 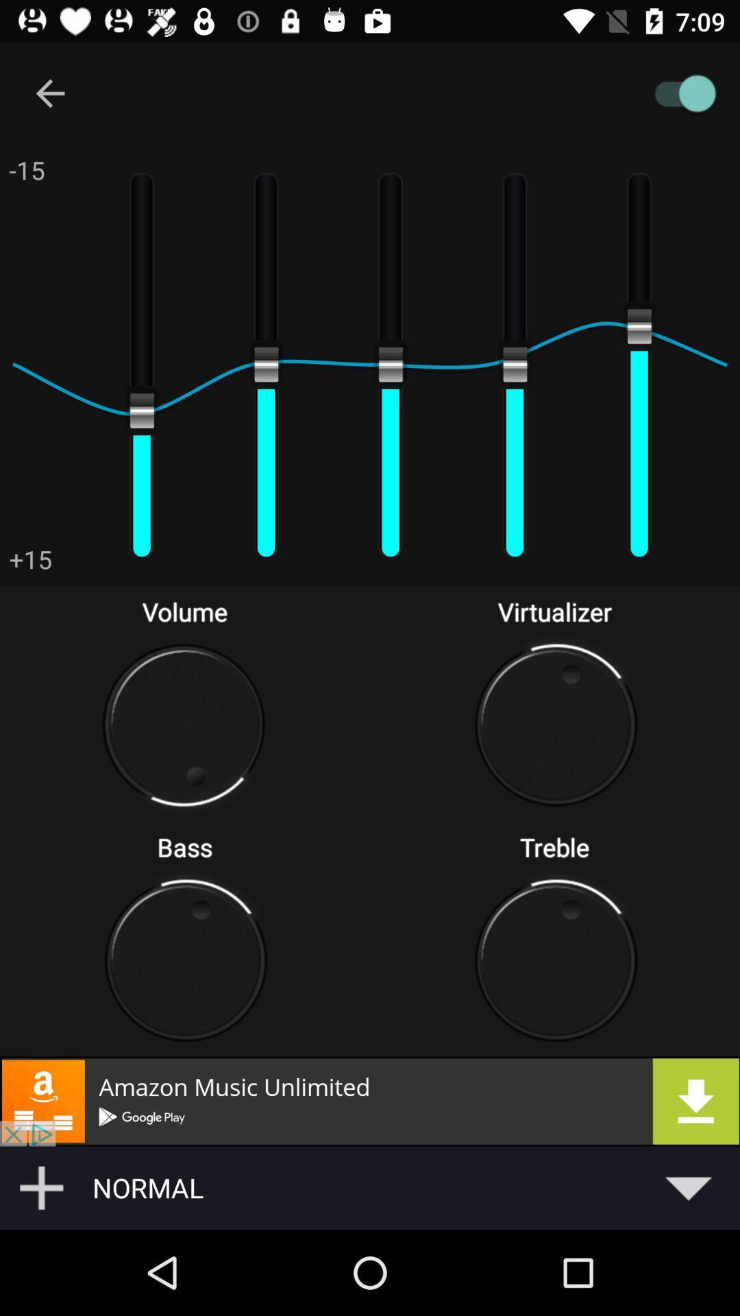 What do you see at coordinates (370, 1101) in the screenshot?
I see `open advertisement` at bounding box center [370, 1101].